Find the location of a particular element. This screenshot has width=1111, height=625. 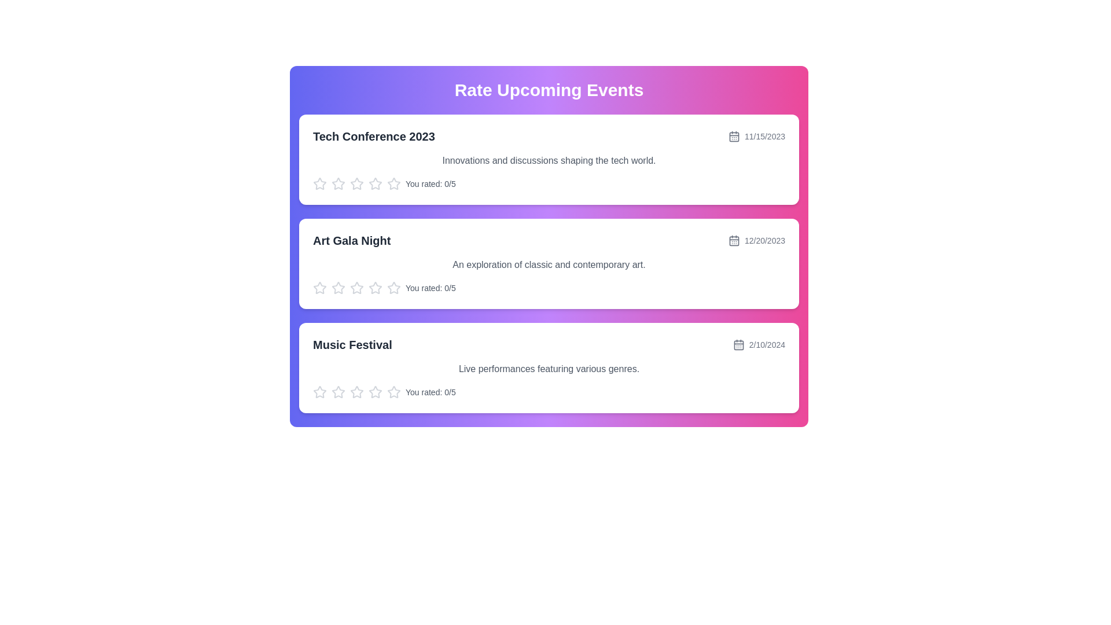

the third star from the left in the horizontal row of five stars for the 'Tech Conference 2023' event to enable accessibility interactions is located at coordinates (338, 183).